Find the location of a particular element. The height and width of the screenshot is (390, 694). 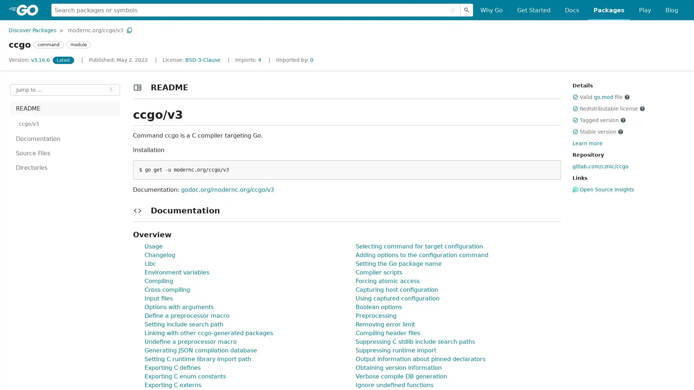

Open Jump to Identifier is located at coordinates (65, 90).